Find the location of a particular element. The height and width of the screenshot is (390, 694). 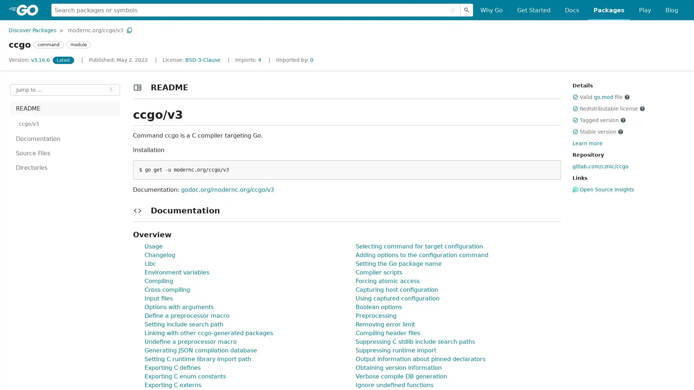

Open Jump to Identifier is located at coordinates (65, 90).